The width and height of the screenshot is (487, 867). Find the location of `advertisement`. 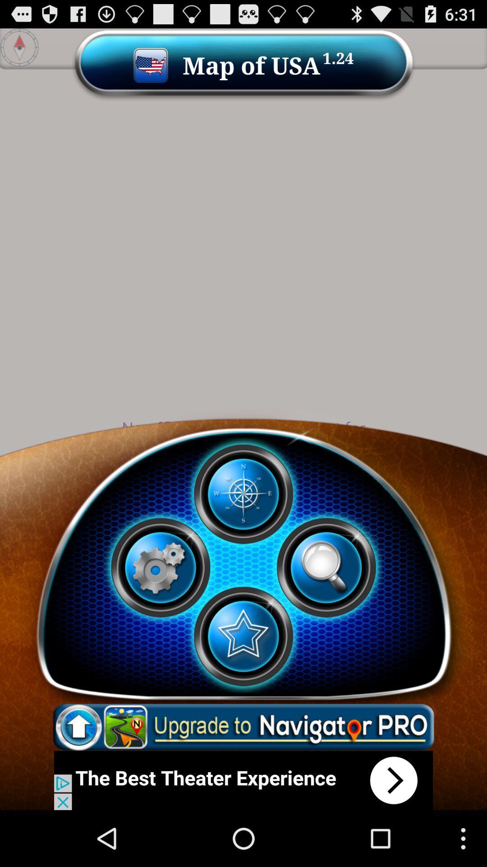

advertisement is located at coordinates (243, 780).